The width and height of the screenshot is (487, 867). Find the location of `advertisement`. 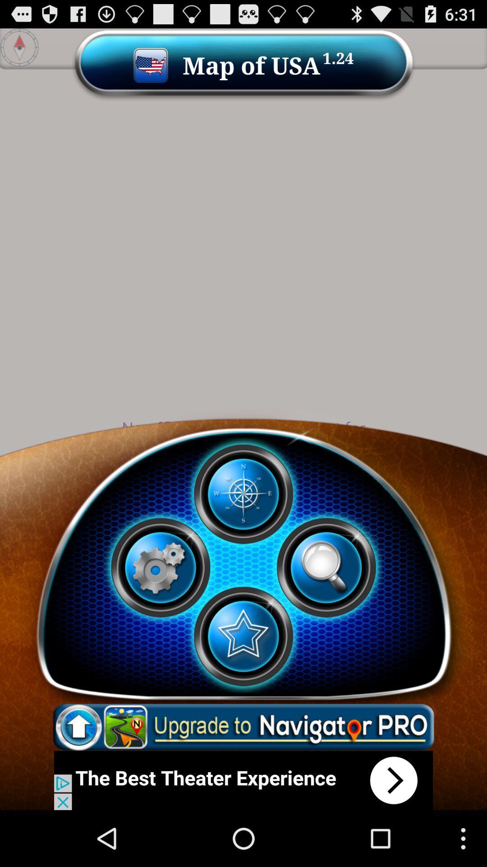

advertisement is located at coordinates (243, 780).